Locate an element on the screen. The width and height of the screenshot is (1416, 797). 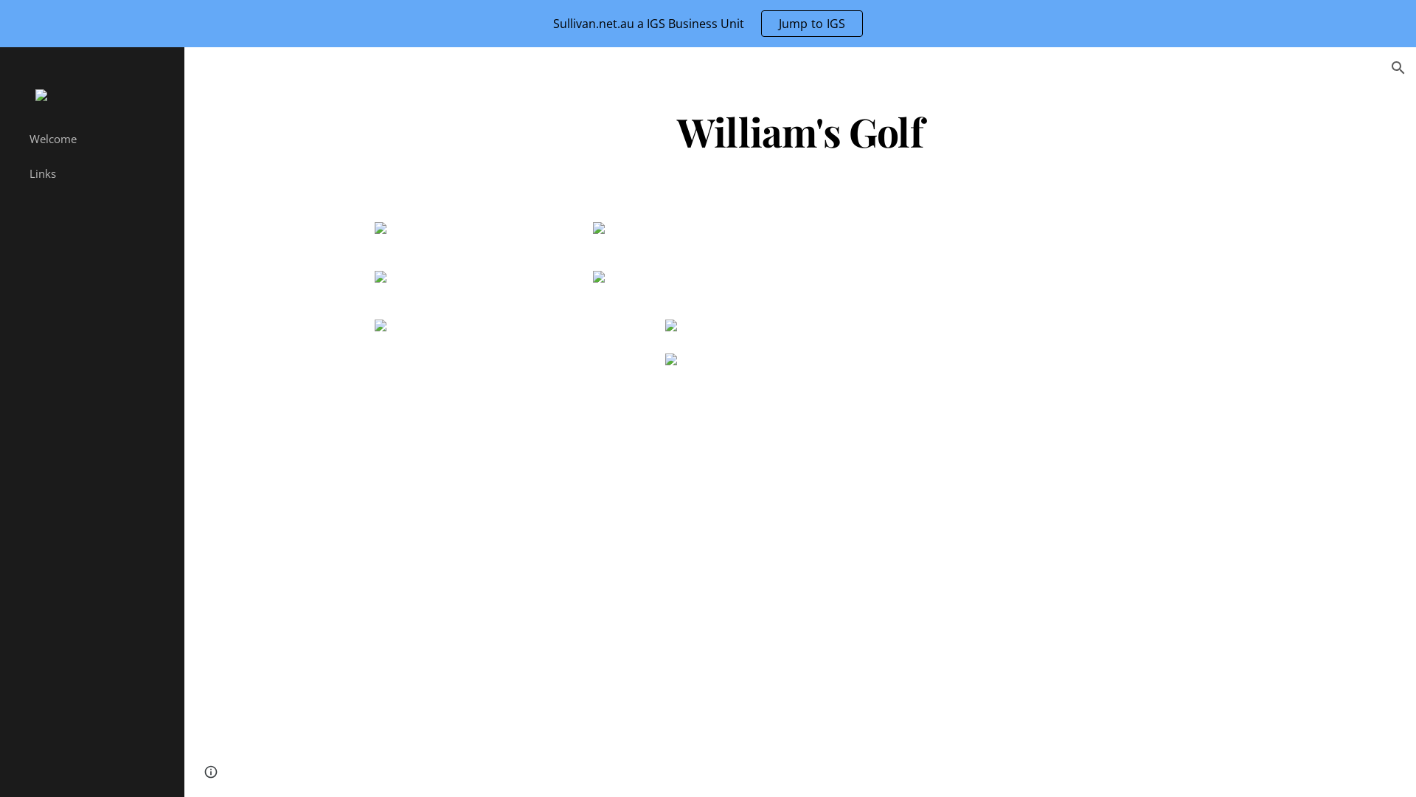
'Links' is located at coordinates (100, 173).